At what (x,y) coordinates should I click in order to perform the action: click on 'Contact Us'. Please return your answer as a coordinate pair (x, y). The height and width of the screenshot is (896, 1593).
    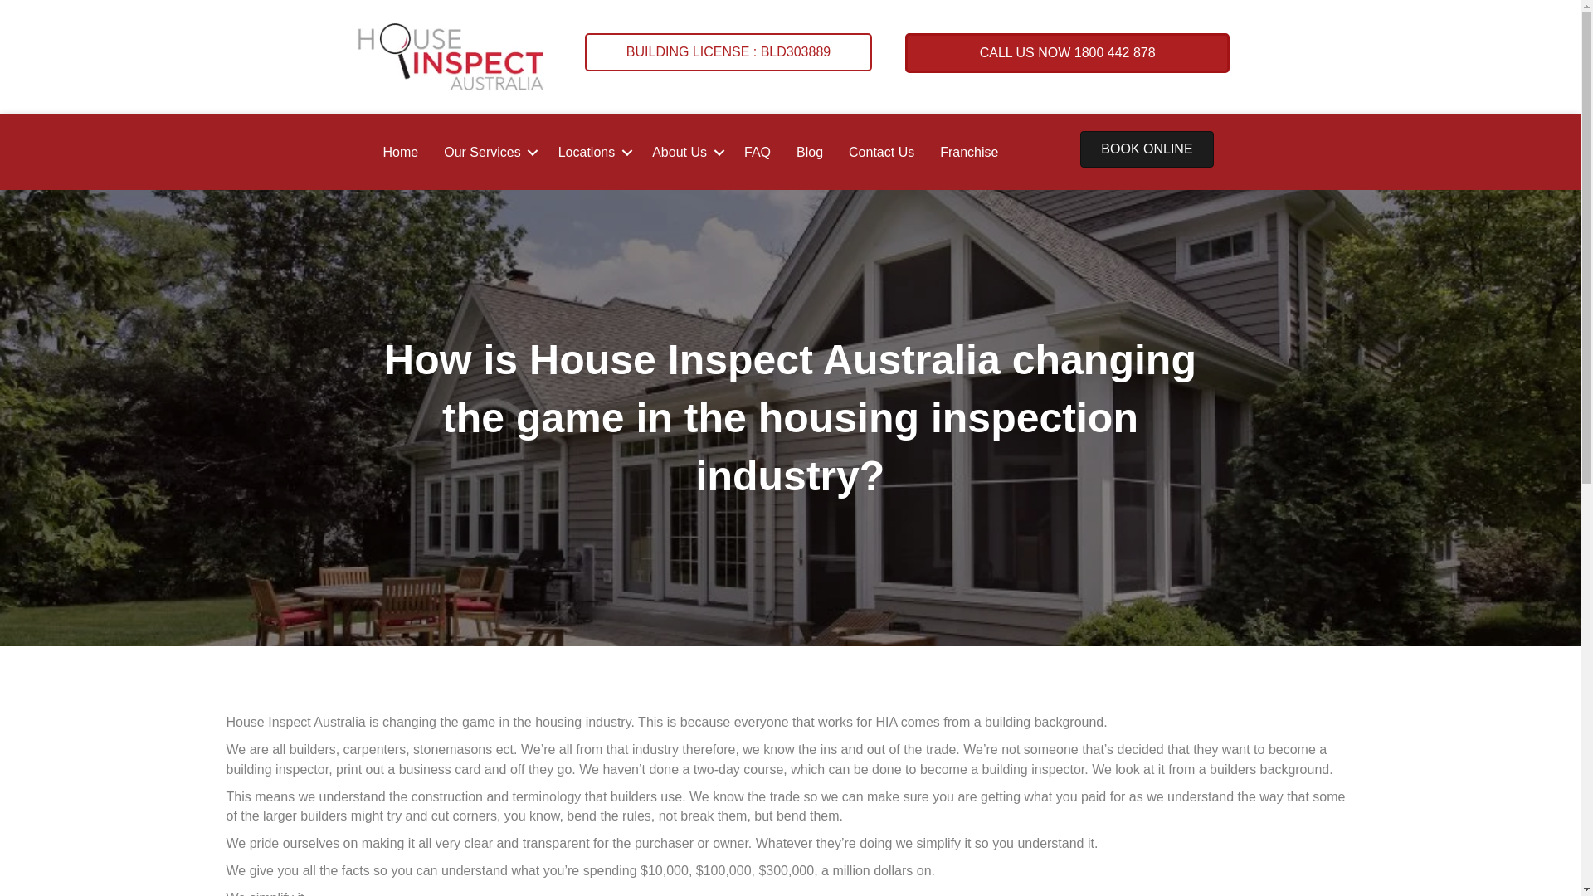
    Looking at the image, I should click on (836, 152).